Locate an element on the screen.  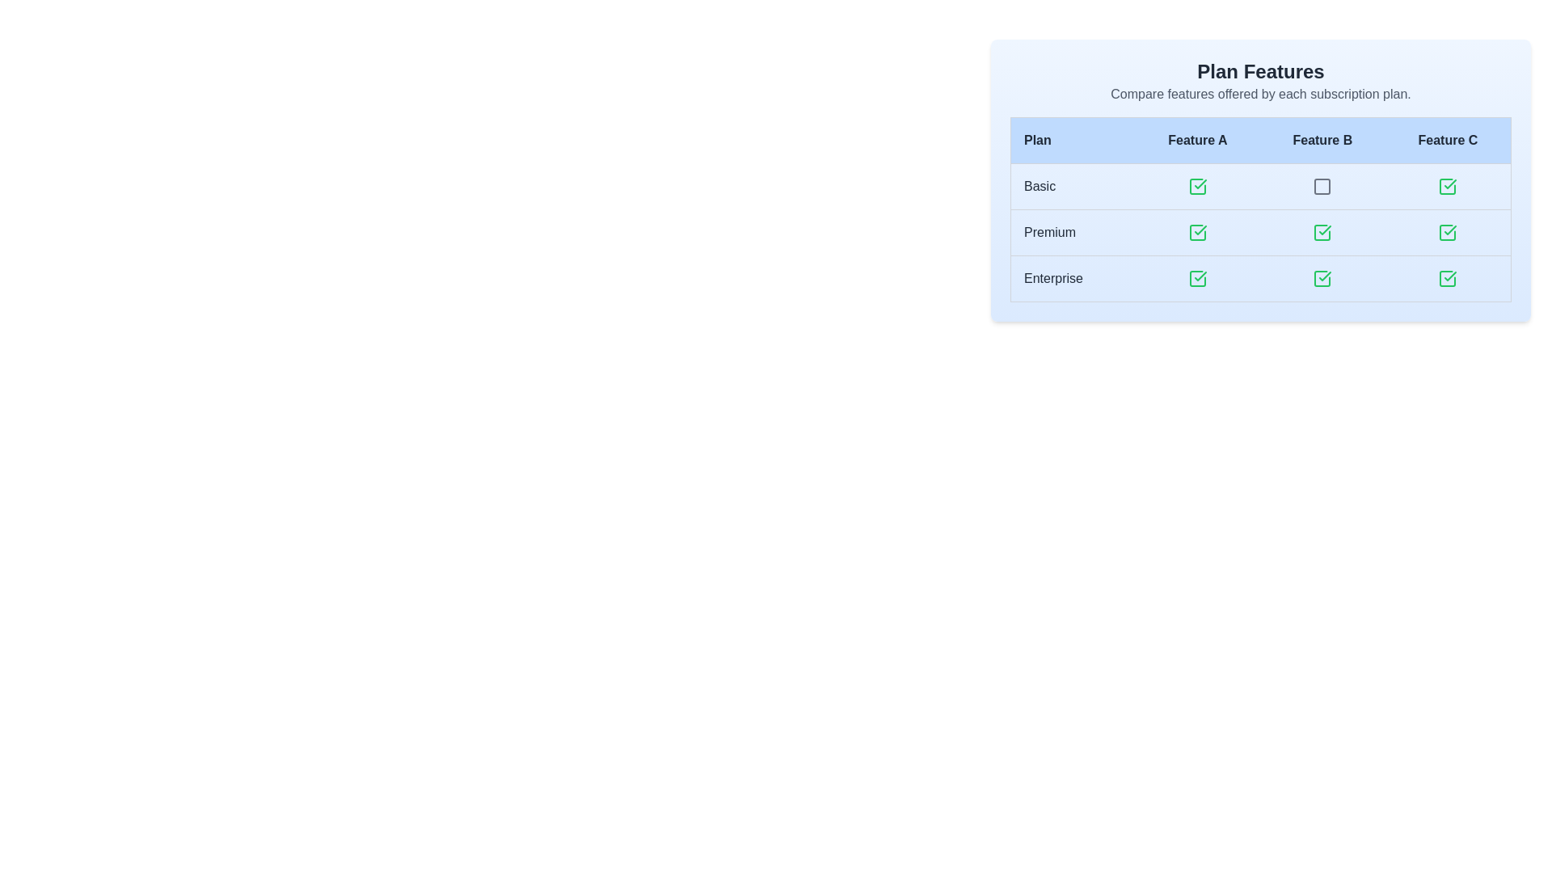
the checkbox icon indicating that Feature B is included in the 'Enterprise' subscription plan, located in the third row and second column of the table is located at coordinates (1322, 277).